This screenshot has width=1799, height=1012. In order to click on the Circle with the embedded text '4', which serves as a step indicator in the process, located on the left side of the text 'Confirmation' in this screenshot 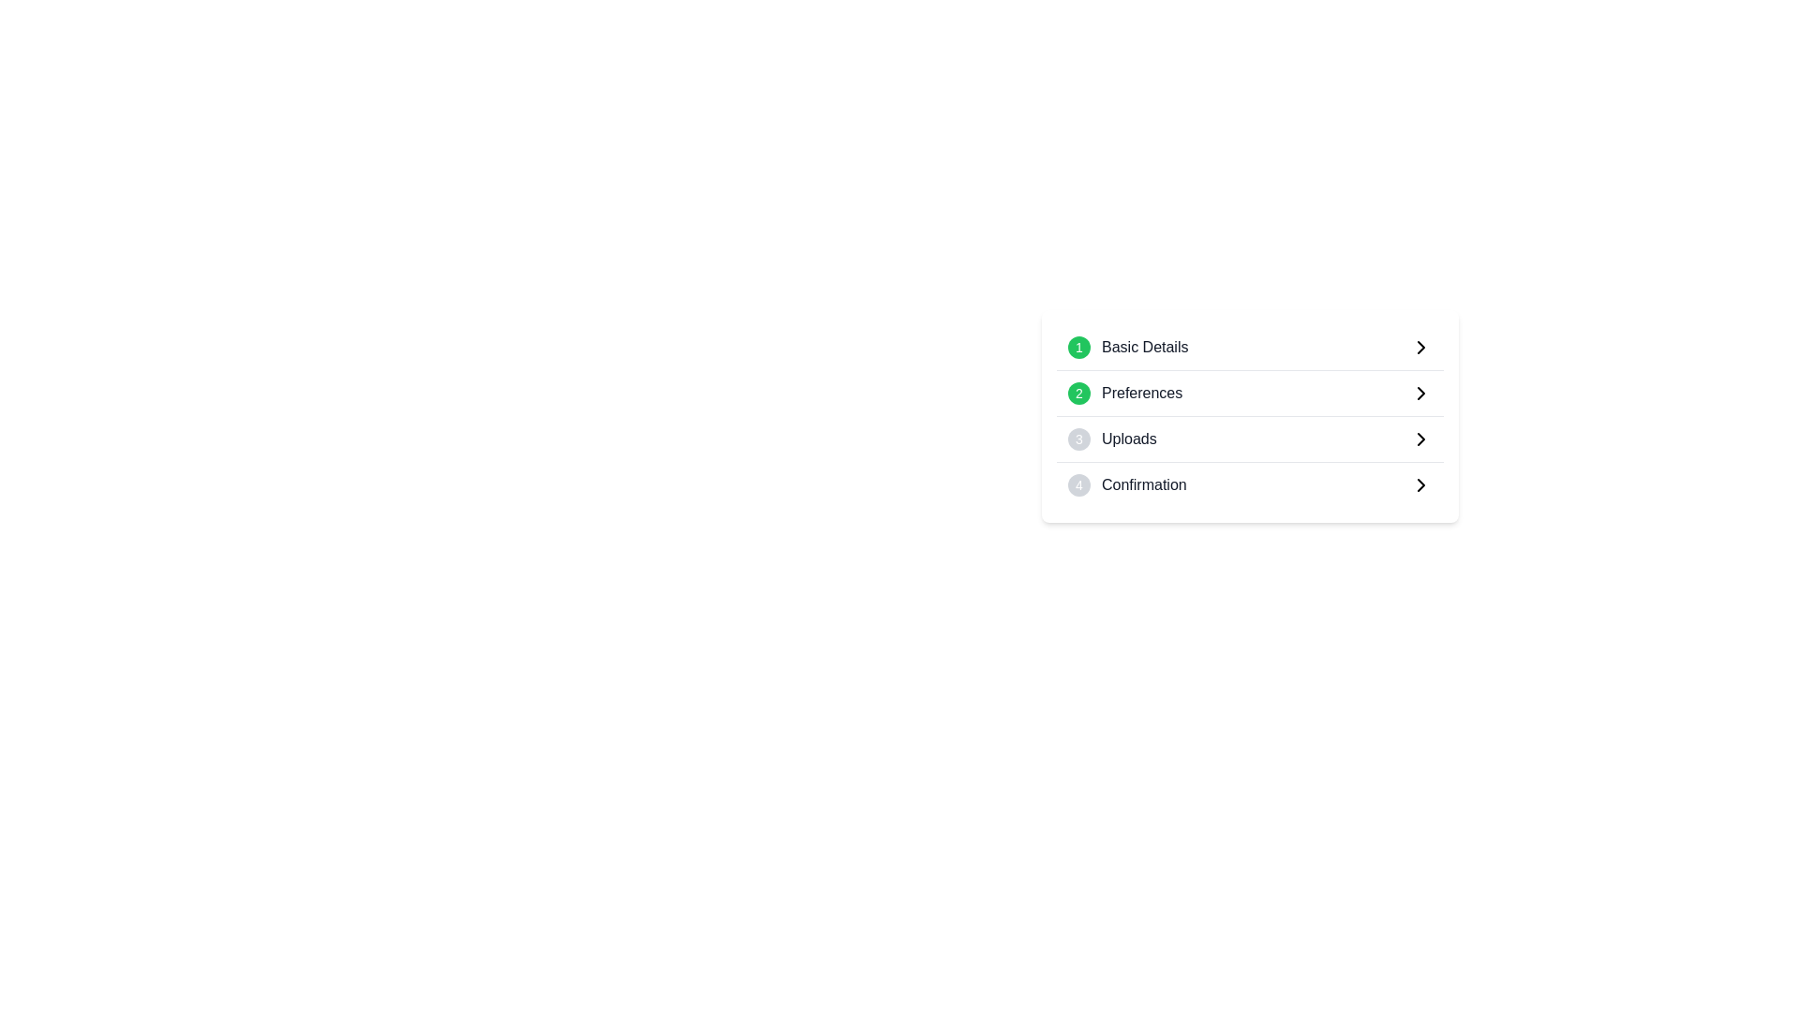, I will do `click(1079, 484)`.